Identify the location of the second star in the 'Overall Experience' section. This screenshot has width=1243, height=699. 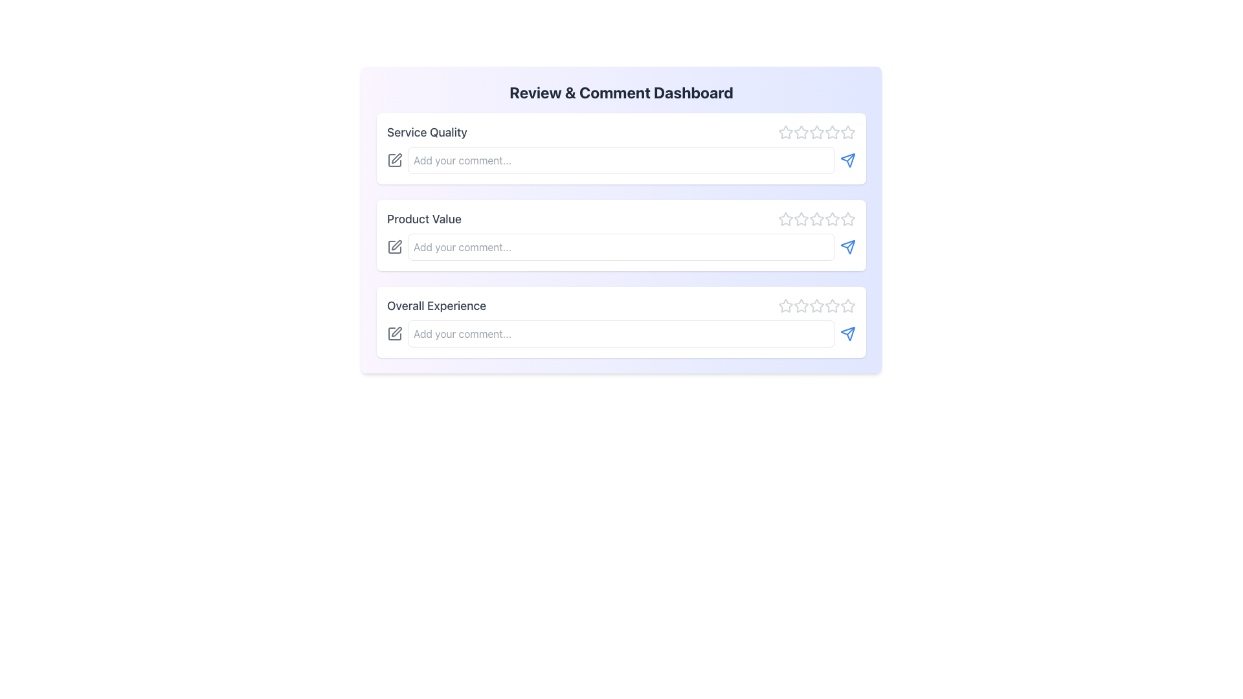
(800, 305).